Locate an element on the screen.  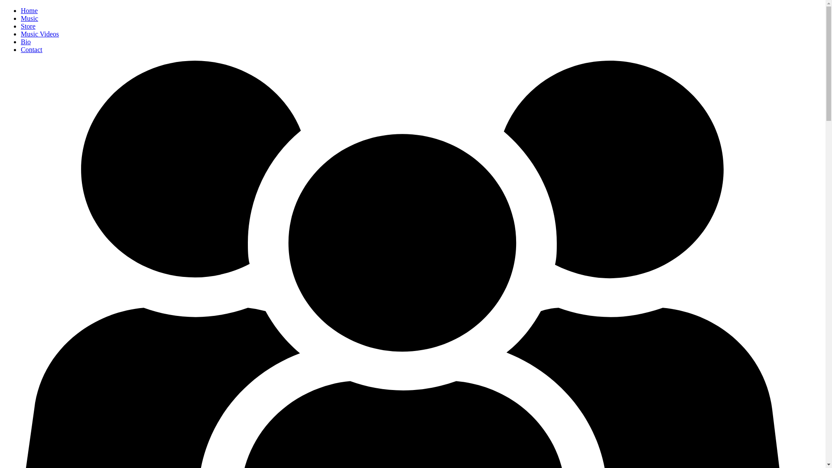
'Bio' is located at coordinates (26, 42).